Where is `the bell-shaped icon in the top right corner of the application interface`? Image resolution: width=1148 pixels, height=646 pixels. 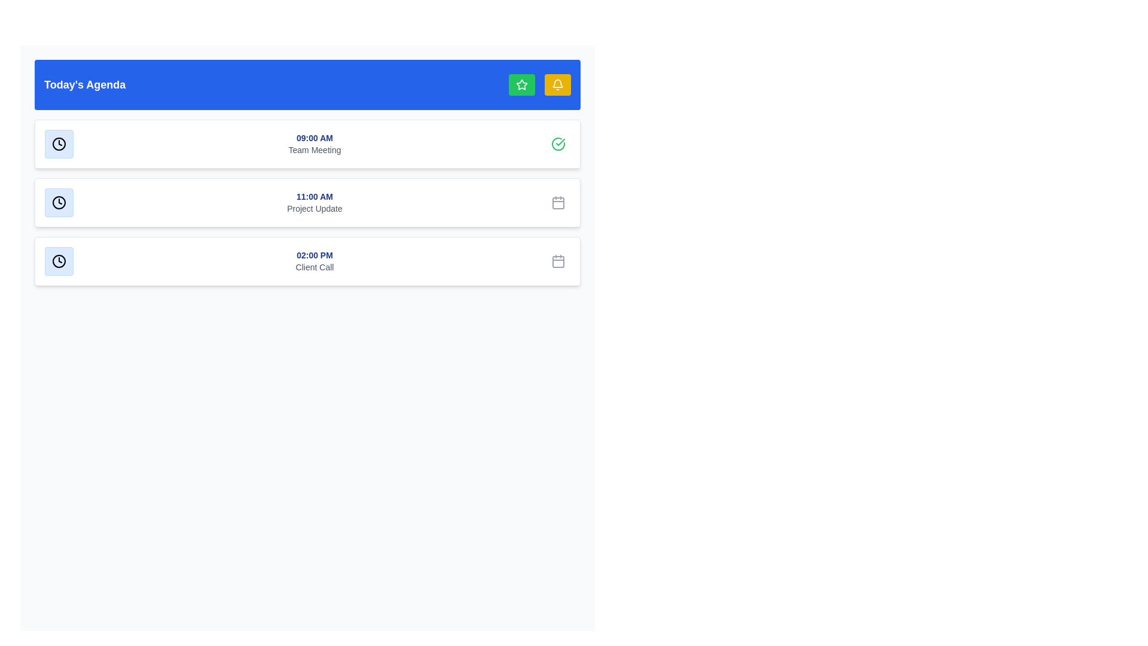
the bell-shaped icon in the top right corner of the application interface is located at coordinates (557, 84).